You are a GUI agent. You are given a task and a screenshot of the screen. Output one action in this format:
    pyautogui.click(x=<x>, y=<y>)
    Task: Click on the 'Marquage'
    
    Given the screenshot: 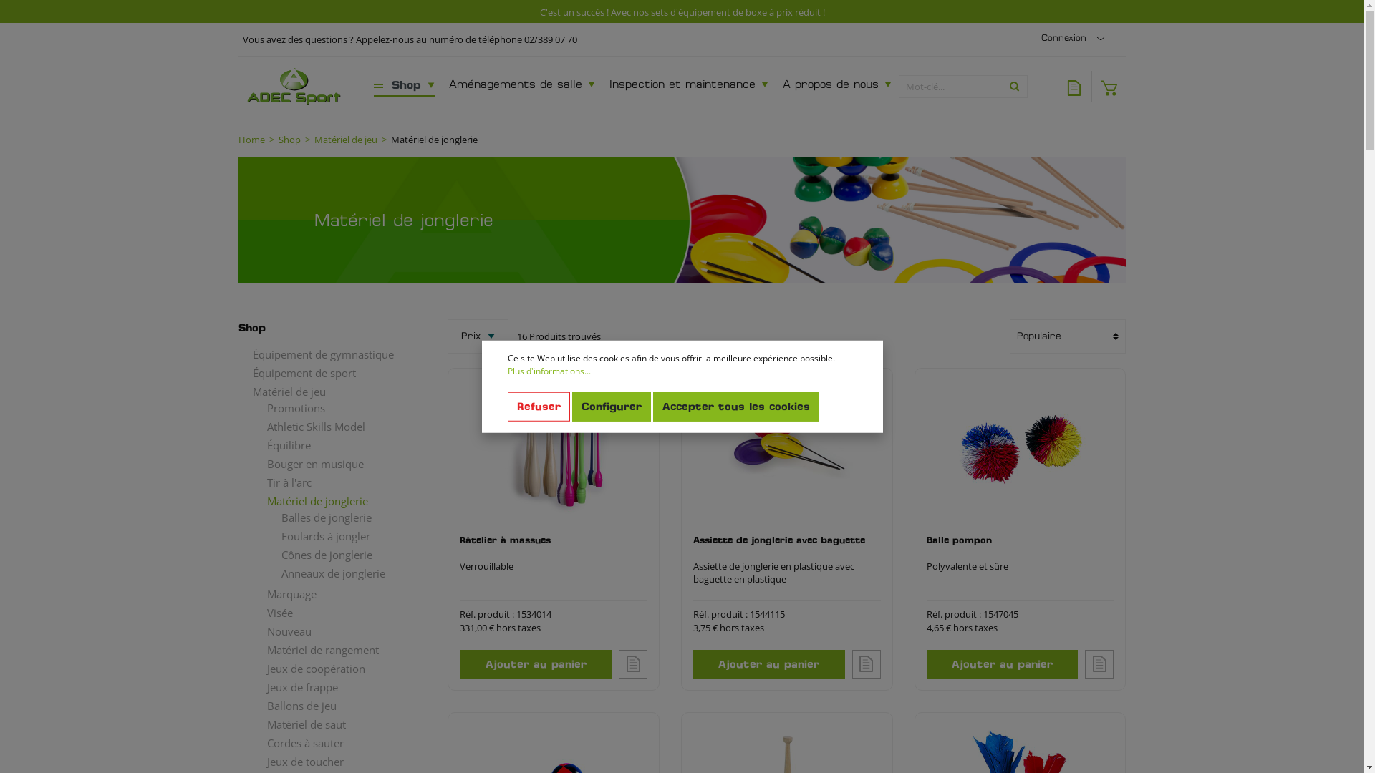 What is the action you would take?
    pyautogui.click(x=334, y=593)
    